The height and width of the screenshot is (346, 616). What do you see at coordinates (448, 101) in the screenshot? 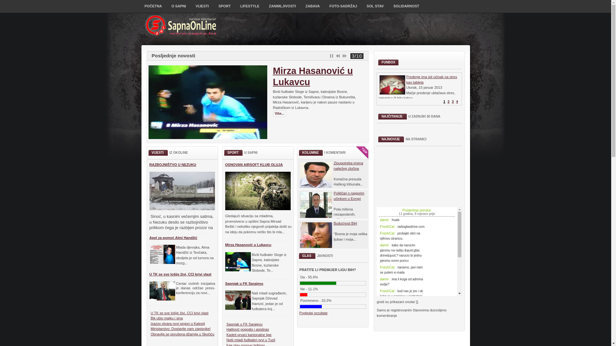
I see `'2'` at bounding box center [448, 101].